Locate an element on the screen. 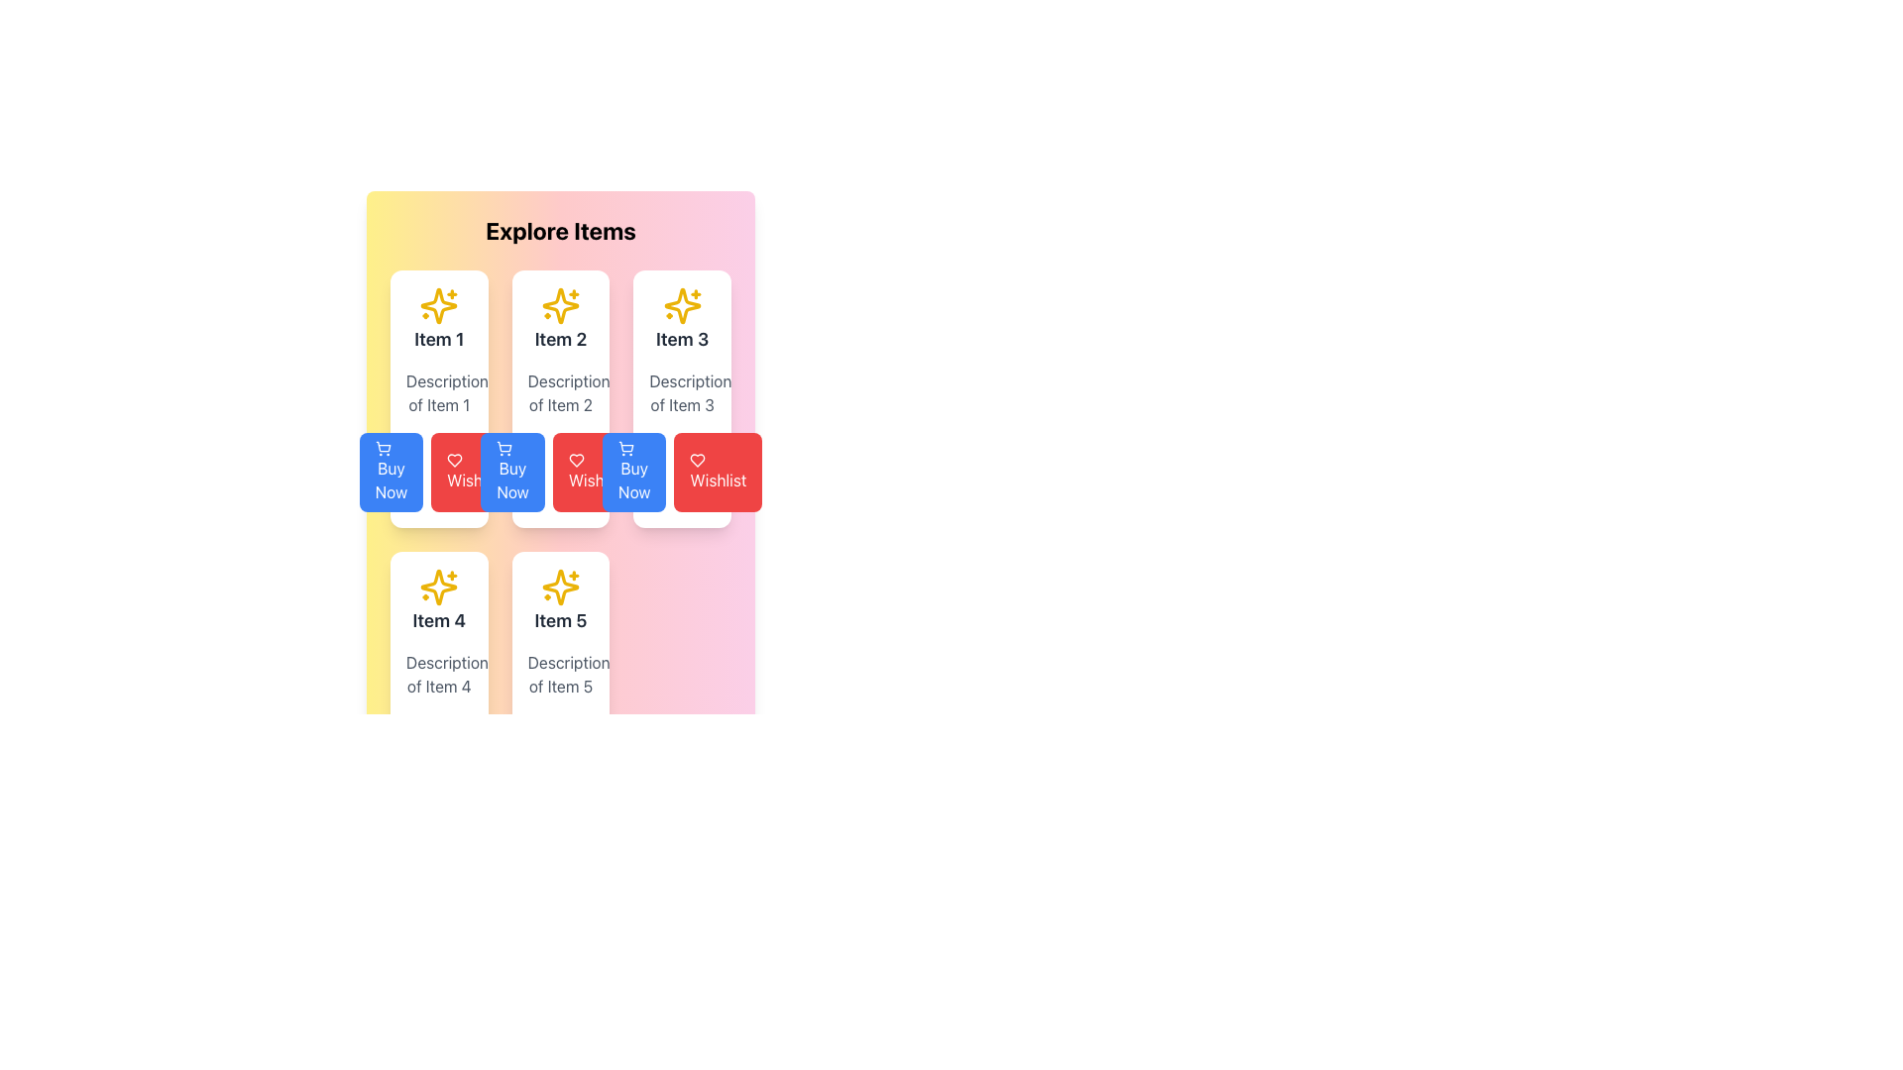 This screenshot has width=1903, height=1070. the text label displaying the title of the first item in the grid, located beneath the 'Explore Items' heading is located at coordinates (438, 339).